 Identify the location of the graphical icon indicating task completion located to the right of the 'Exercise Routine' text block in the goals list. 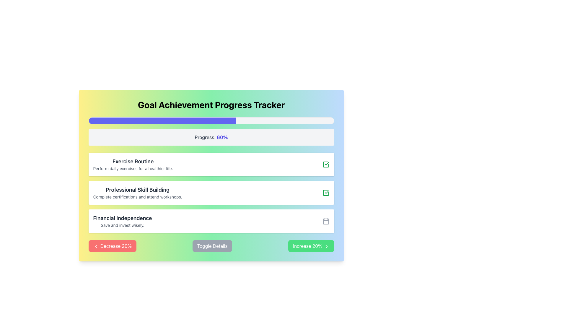
(325, 193).